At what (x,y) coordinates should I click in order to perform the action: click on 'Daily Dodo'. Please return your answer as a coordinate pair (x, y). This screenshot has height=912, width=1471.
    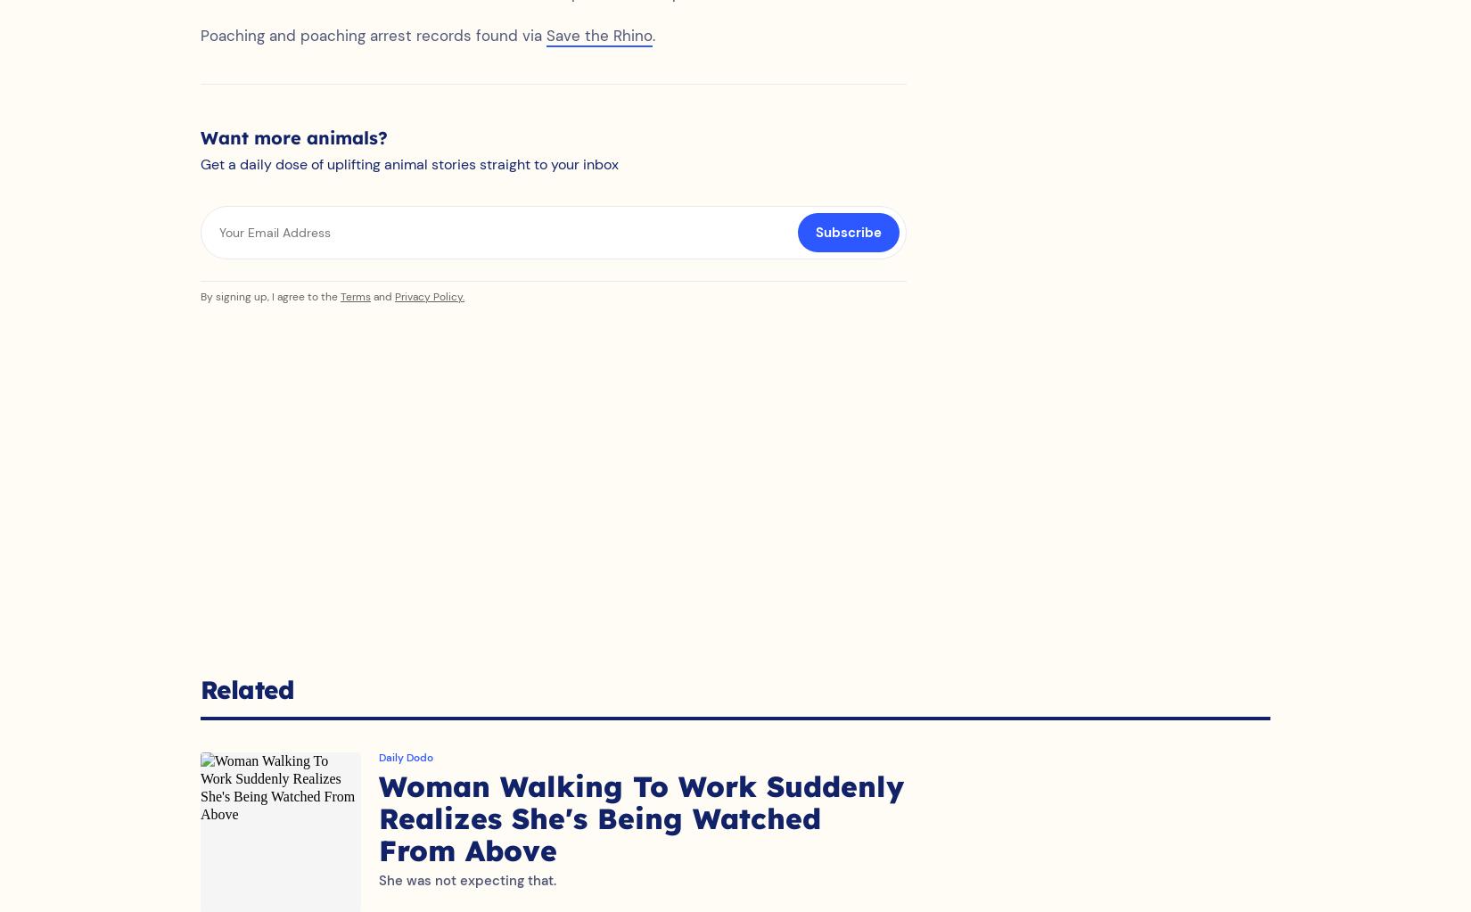
    Looking at the image, I should click on (405, 775).